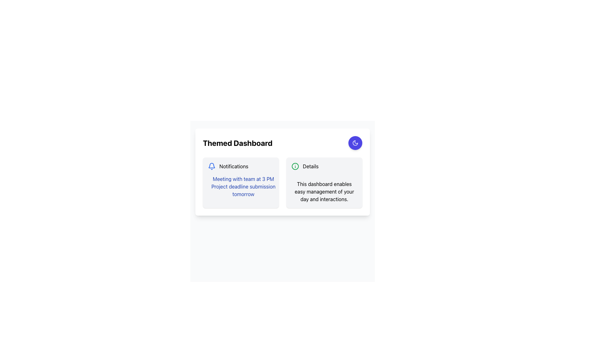 This screenshot has height=341, width=607. What do you see at coordinates (241, 186) in the screenshot?
I see `the Text Content that displays notifications or updates related to the user's tasks or schedule, which is centrally positioned below the 'Notifications' title and icon` at bounding box center [241, 186].